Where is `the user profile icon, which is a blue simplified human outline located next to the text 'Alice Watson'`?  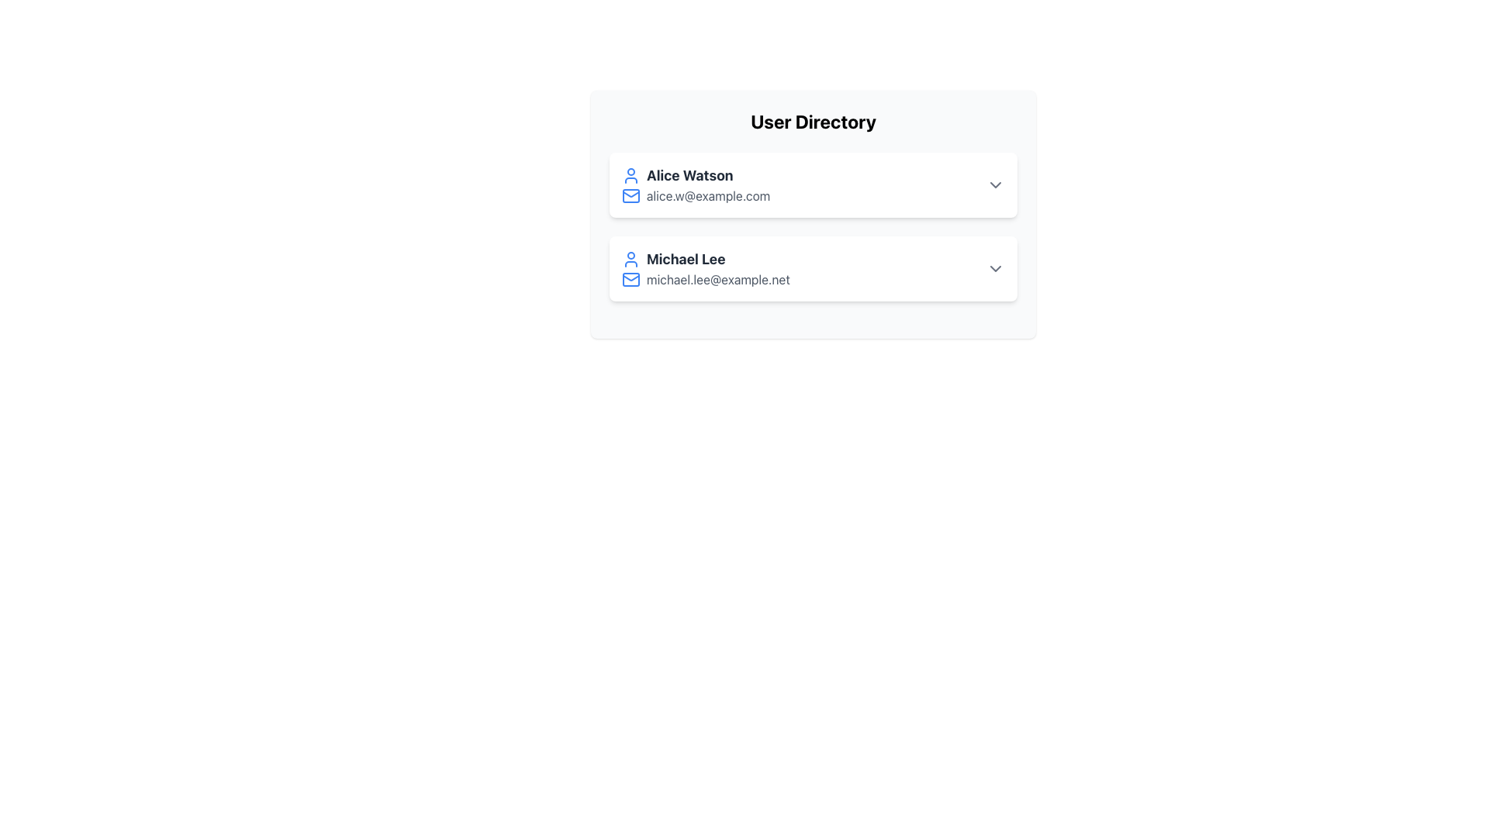 the user profile icon, which is a blue simplified human outline located next to the text 'Alice Watson' is located at coordinates (631, 175).